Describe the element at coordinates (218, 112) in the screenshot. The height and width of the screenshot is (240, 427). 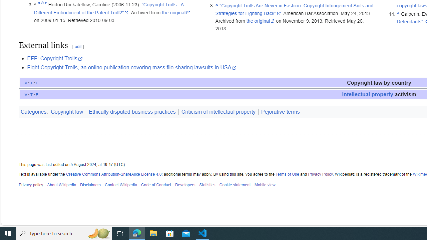
I see `'Criticism of intellectual property'` at that location.